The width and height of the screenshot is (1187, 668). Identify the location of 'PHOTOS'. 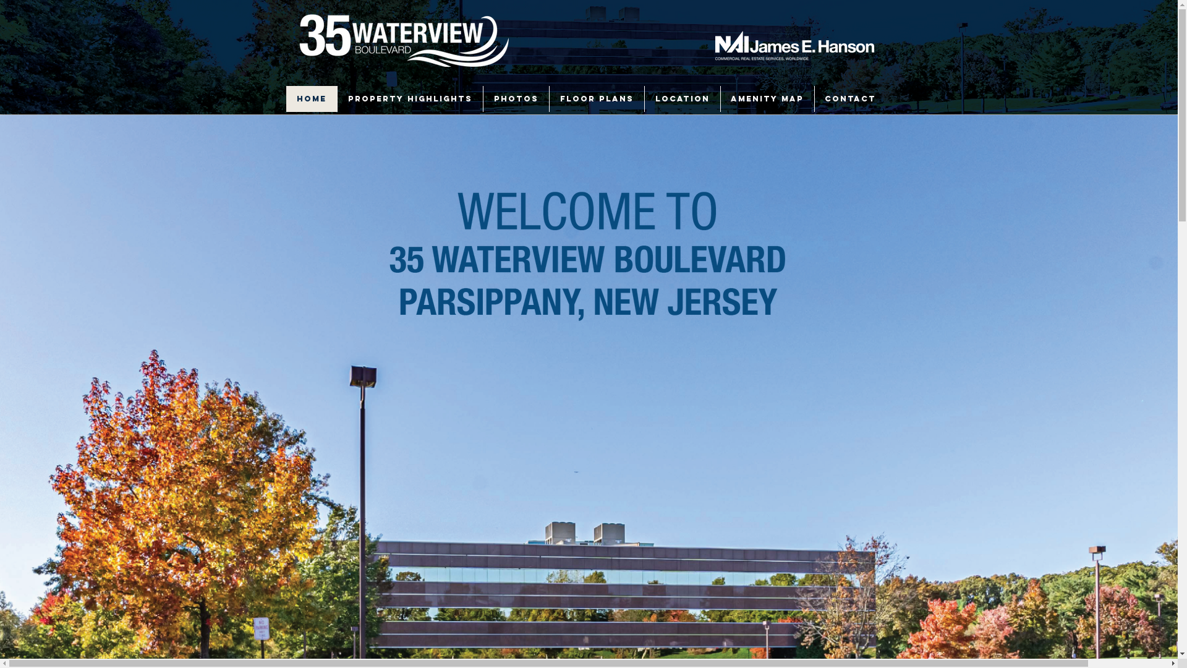
(515, 98).